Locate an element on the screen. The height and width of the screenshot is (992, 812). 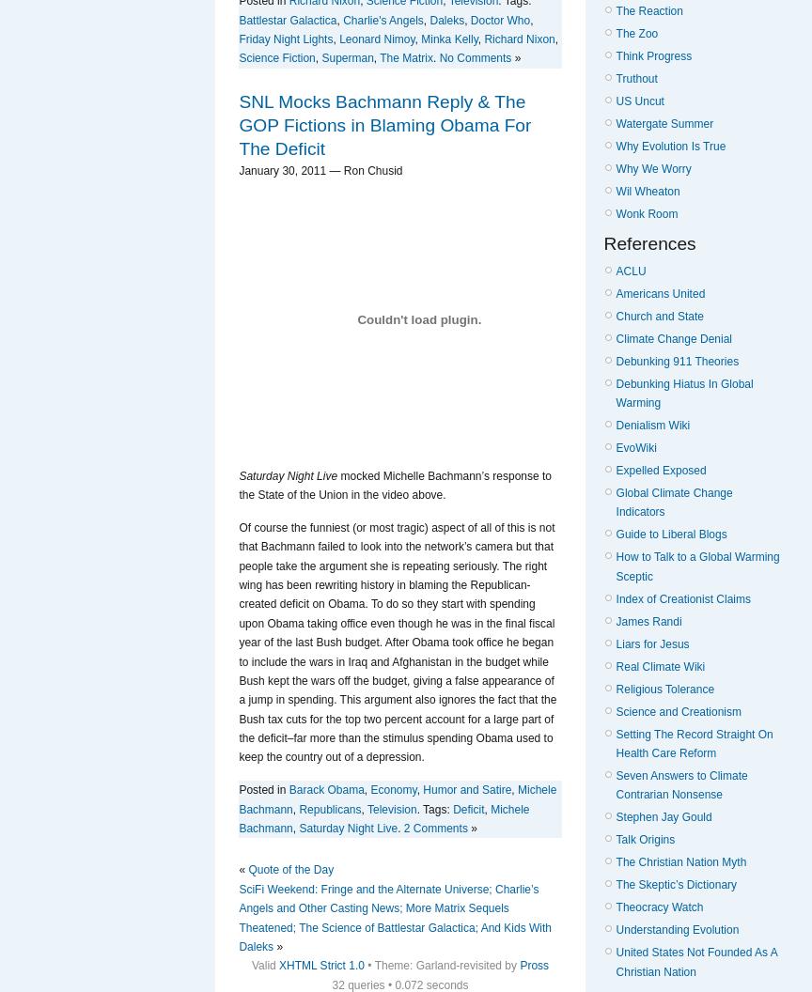
'Global Climate Change Indicators' is located at coordinates (674, 502).